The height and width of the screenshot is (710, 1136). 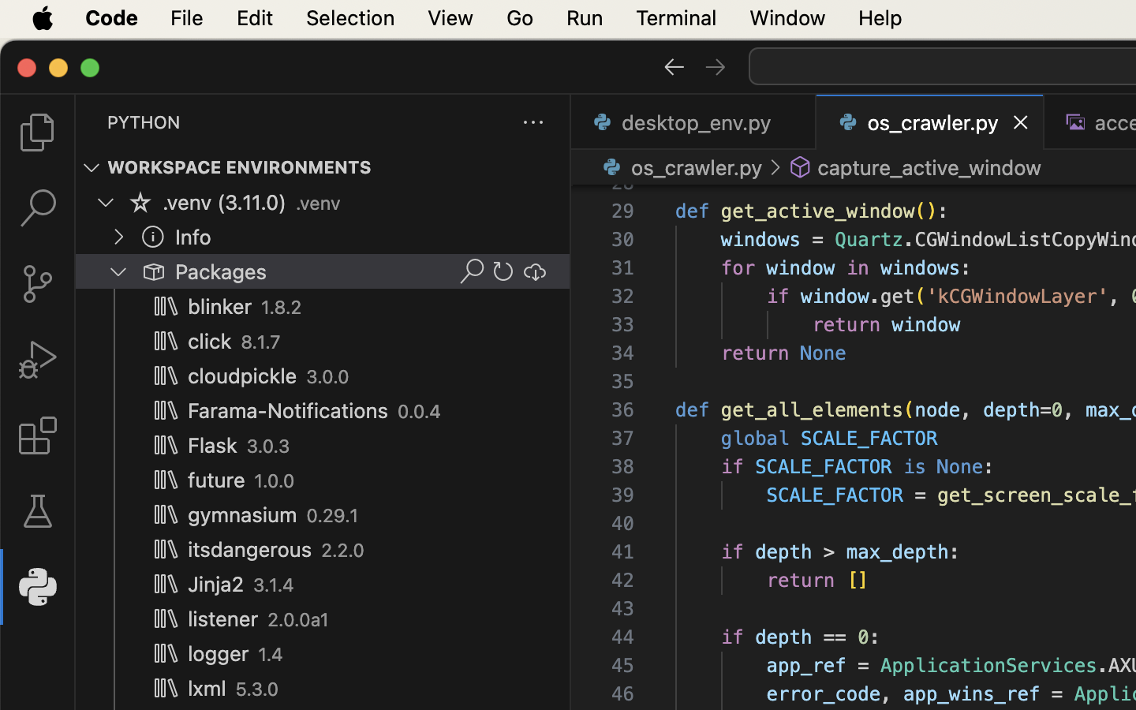 What do you see at coordinates (152, 235) in the screenshot?
I see `''` at bounding box center [152, 235].